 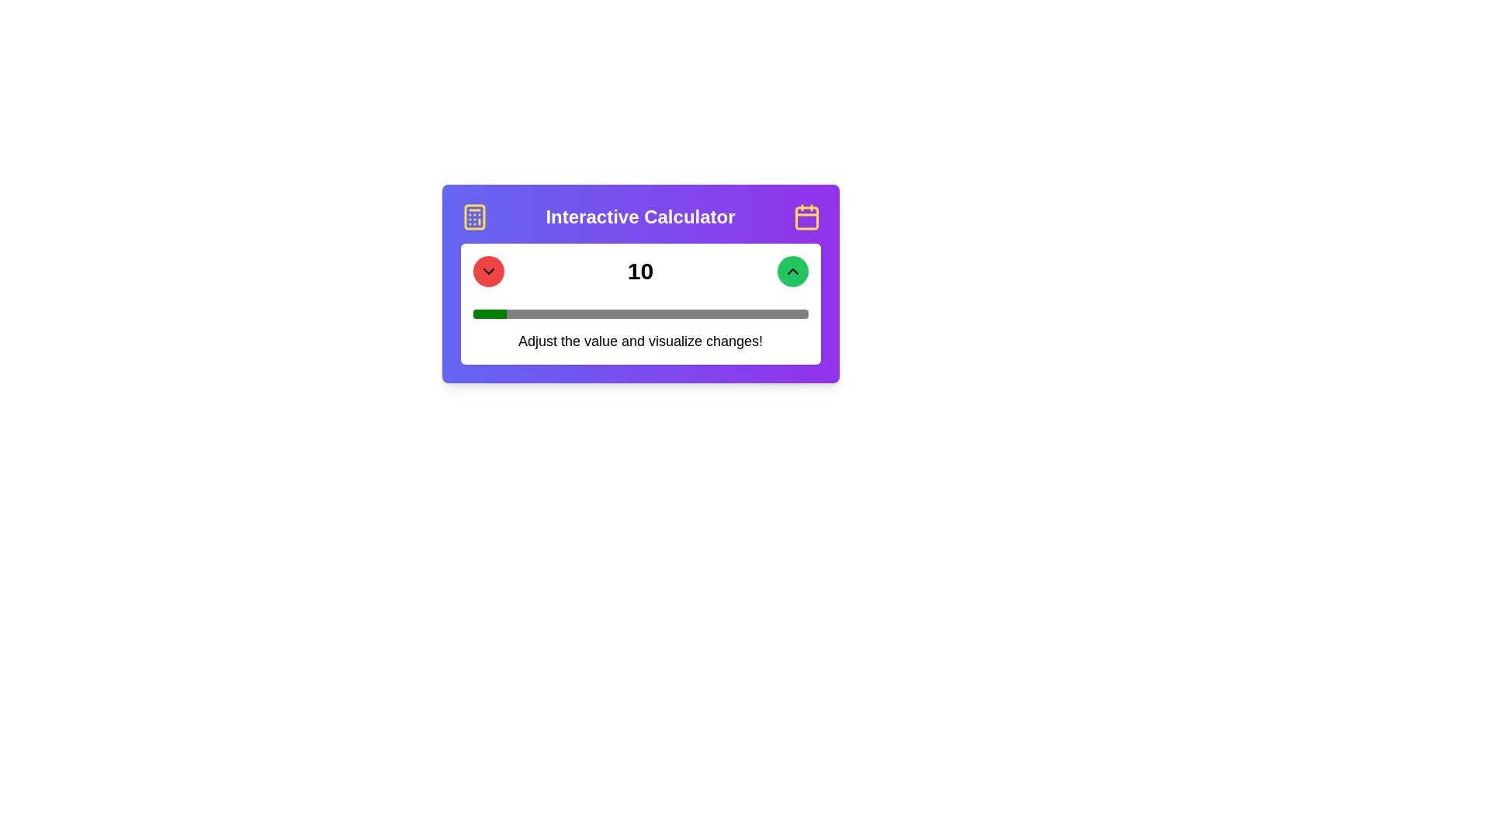 I want to click on the slider value, so click(x=602, y=314).